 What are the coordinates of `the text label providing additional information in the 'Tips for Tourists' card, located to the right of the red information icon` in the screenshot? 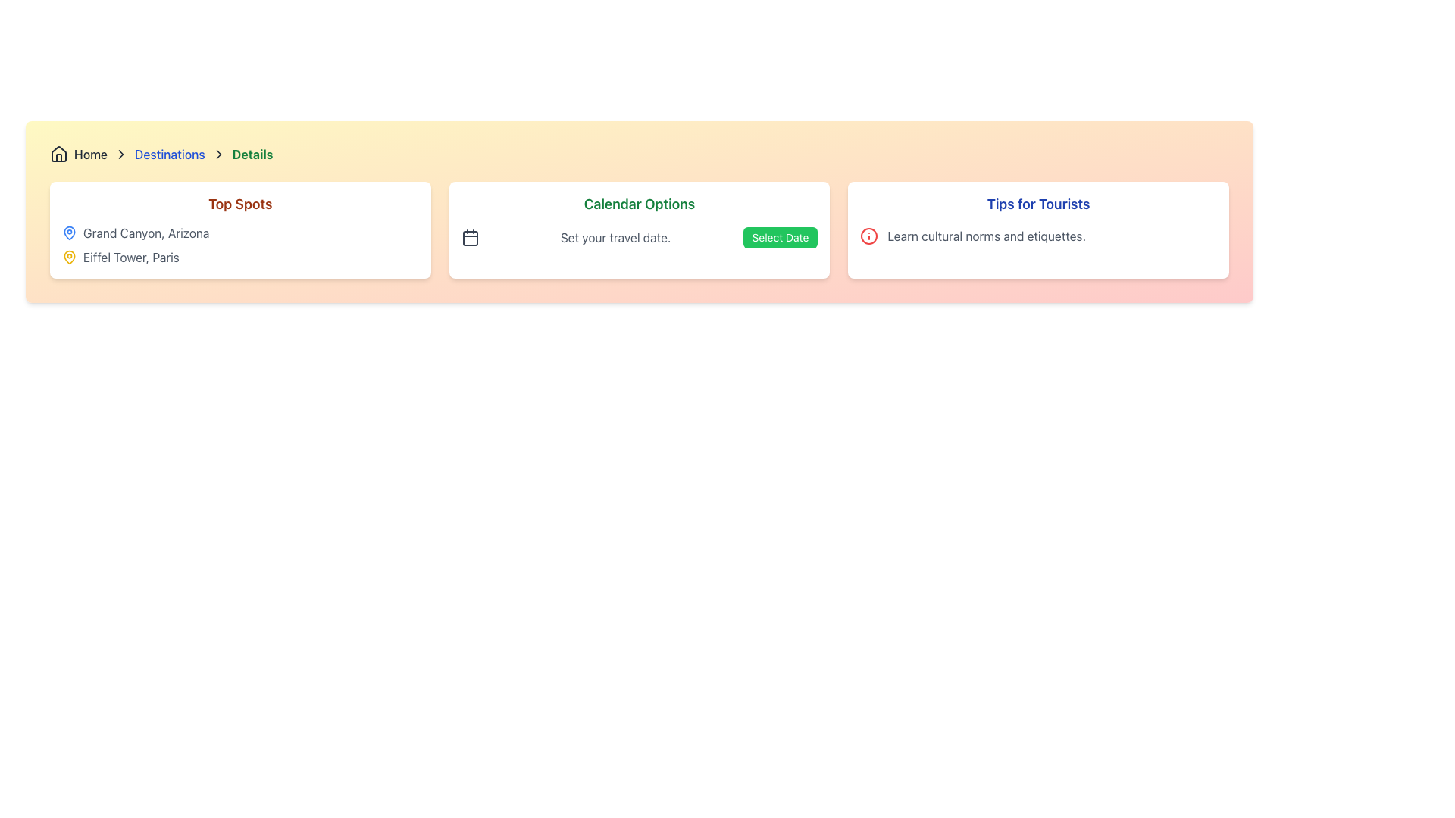 It's located at (987, 236).